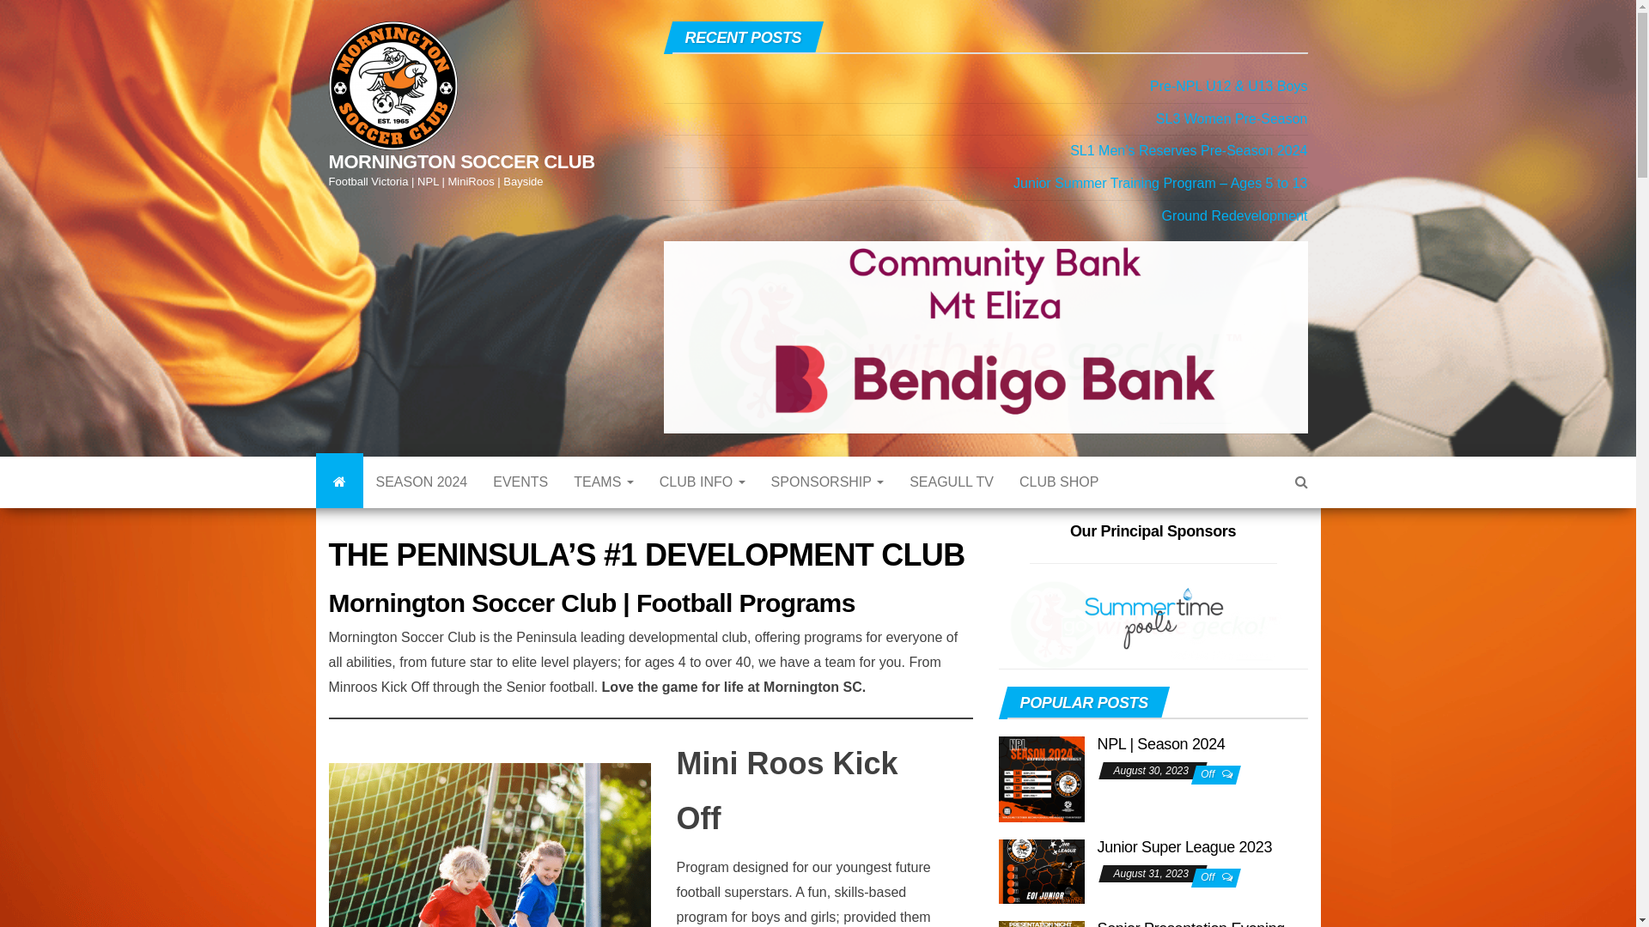 The height and width of the screenshot is (927, 1649). Describe the element at coordinates (421, 506) in the screenshot. I see `'SEASON 2024'` at that location.